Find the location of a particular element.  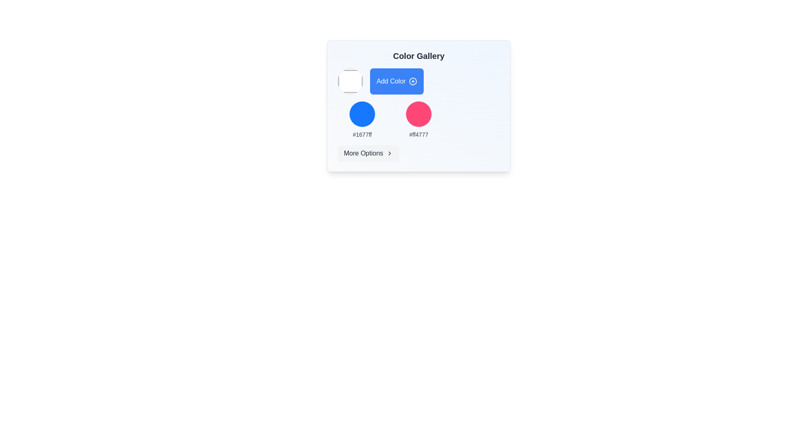

the blue color preview circle (#1677ff) is located at coordinates (361, 114).